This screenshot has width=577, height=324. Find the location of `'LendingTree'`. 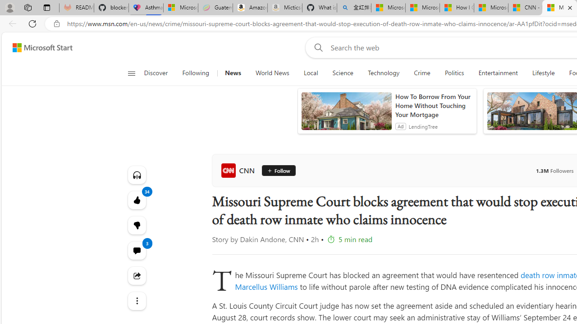

'LendingTree' is located at coordinates (422, 126).